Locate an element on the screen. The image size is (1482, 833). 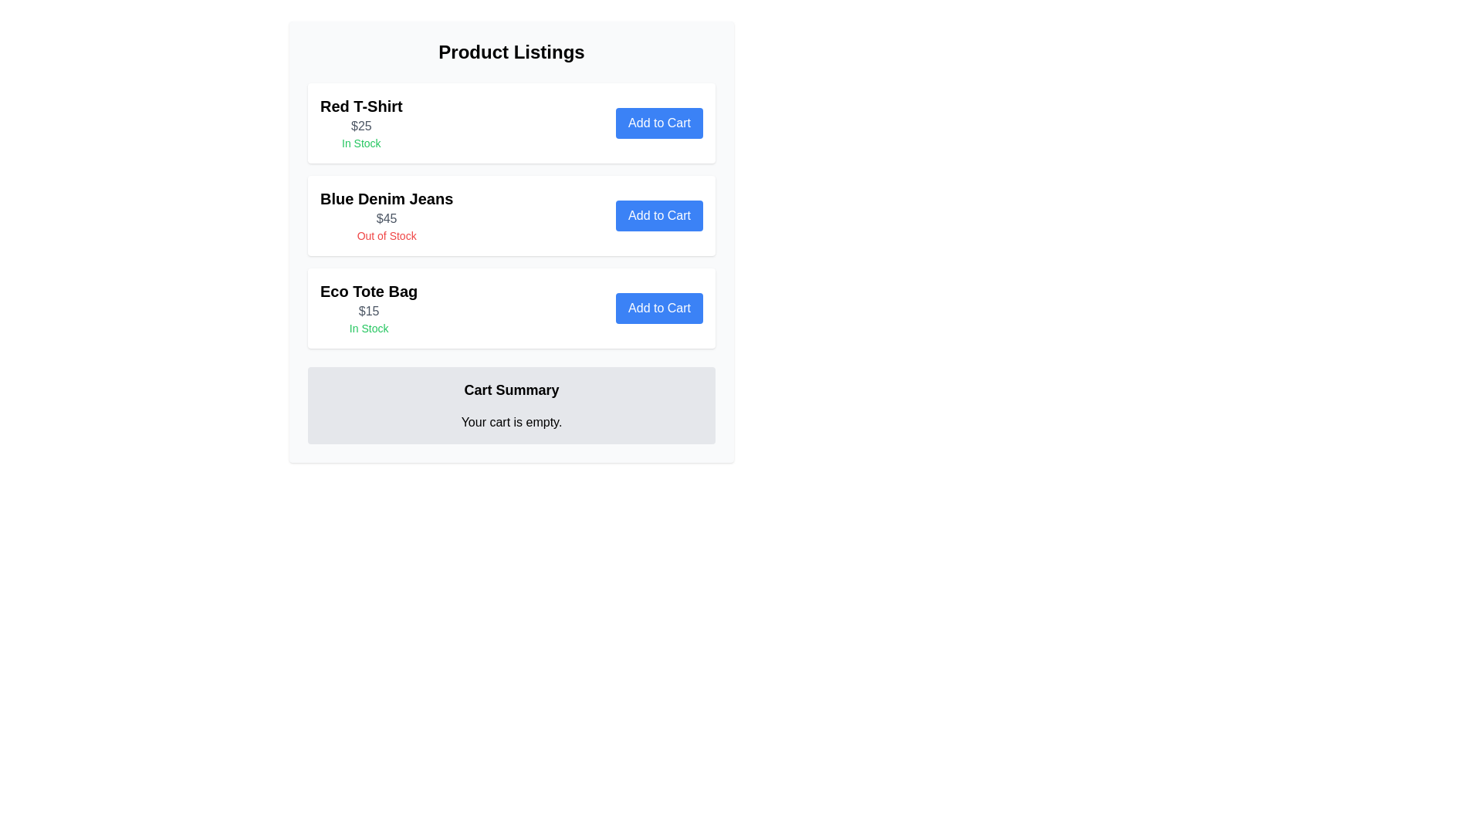
the static text label displaying the product name 'Eco Tote Bag', which is located at the top of the product card is located at coordinates (368, 292).